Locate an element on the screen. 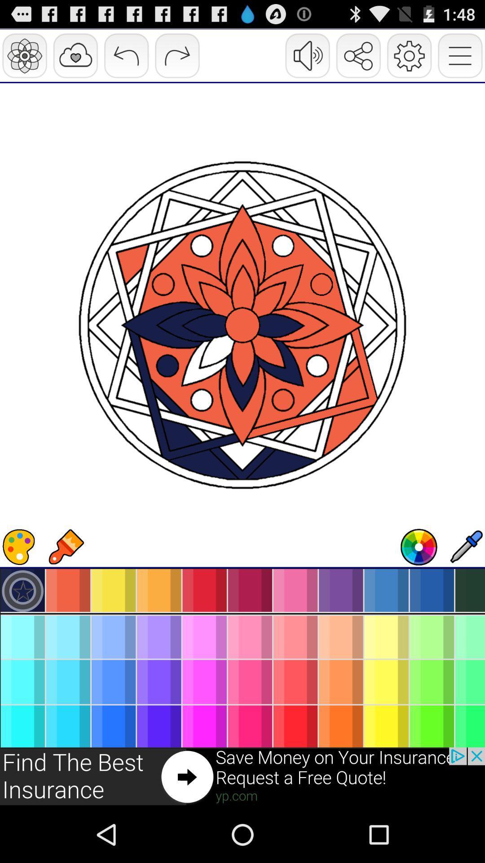 This screenshot has height=863, width=485. paint brush selector is located at coordinates (65, 547).